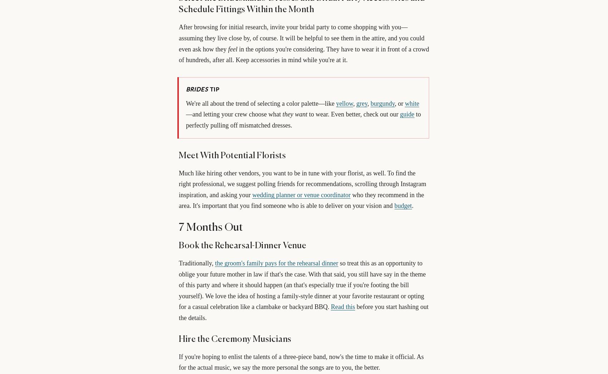 Image resolution: width=608 pixels, height=374 pixels. Describe the element at coordinates (178, 183) in the screenshot. I see `'Much like hiring other vendors, you want to be in tune with your florist, as well. To find the right professional, we suggest polling friends for recommendations, scrolling through Instagram inspiration, and asking your'` at that location.